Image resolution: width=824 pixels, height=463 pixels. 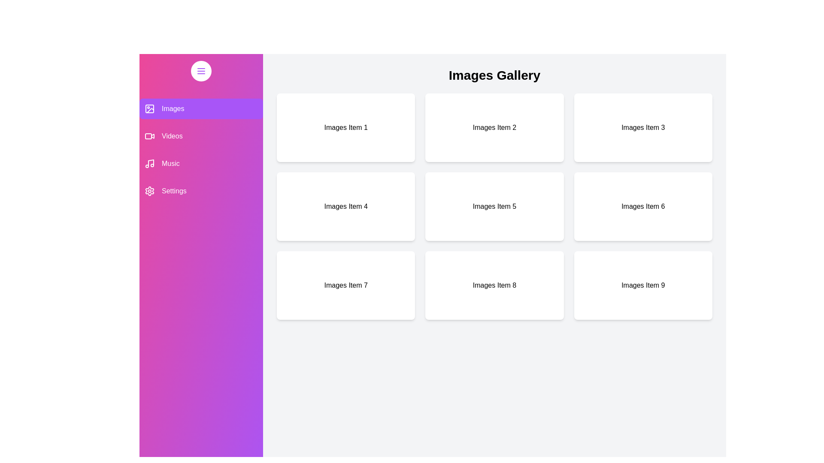 What do you see at coordinates (201, 163) in the screenshot?
I see `the media category Music from the sidebar` at bounding box center [201, 163].